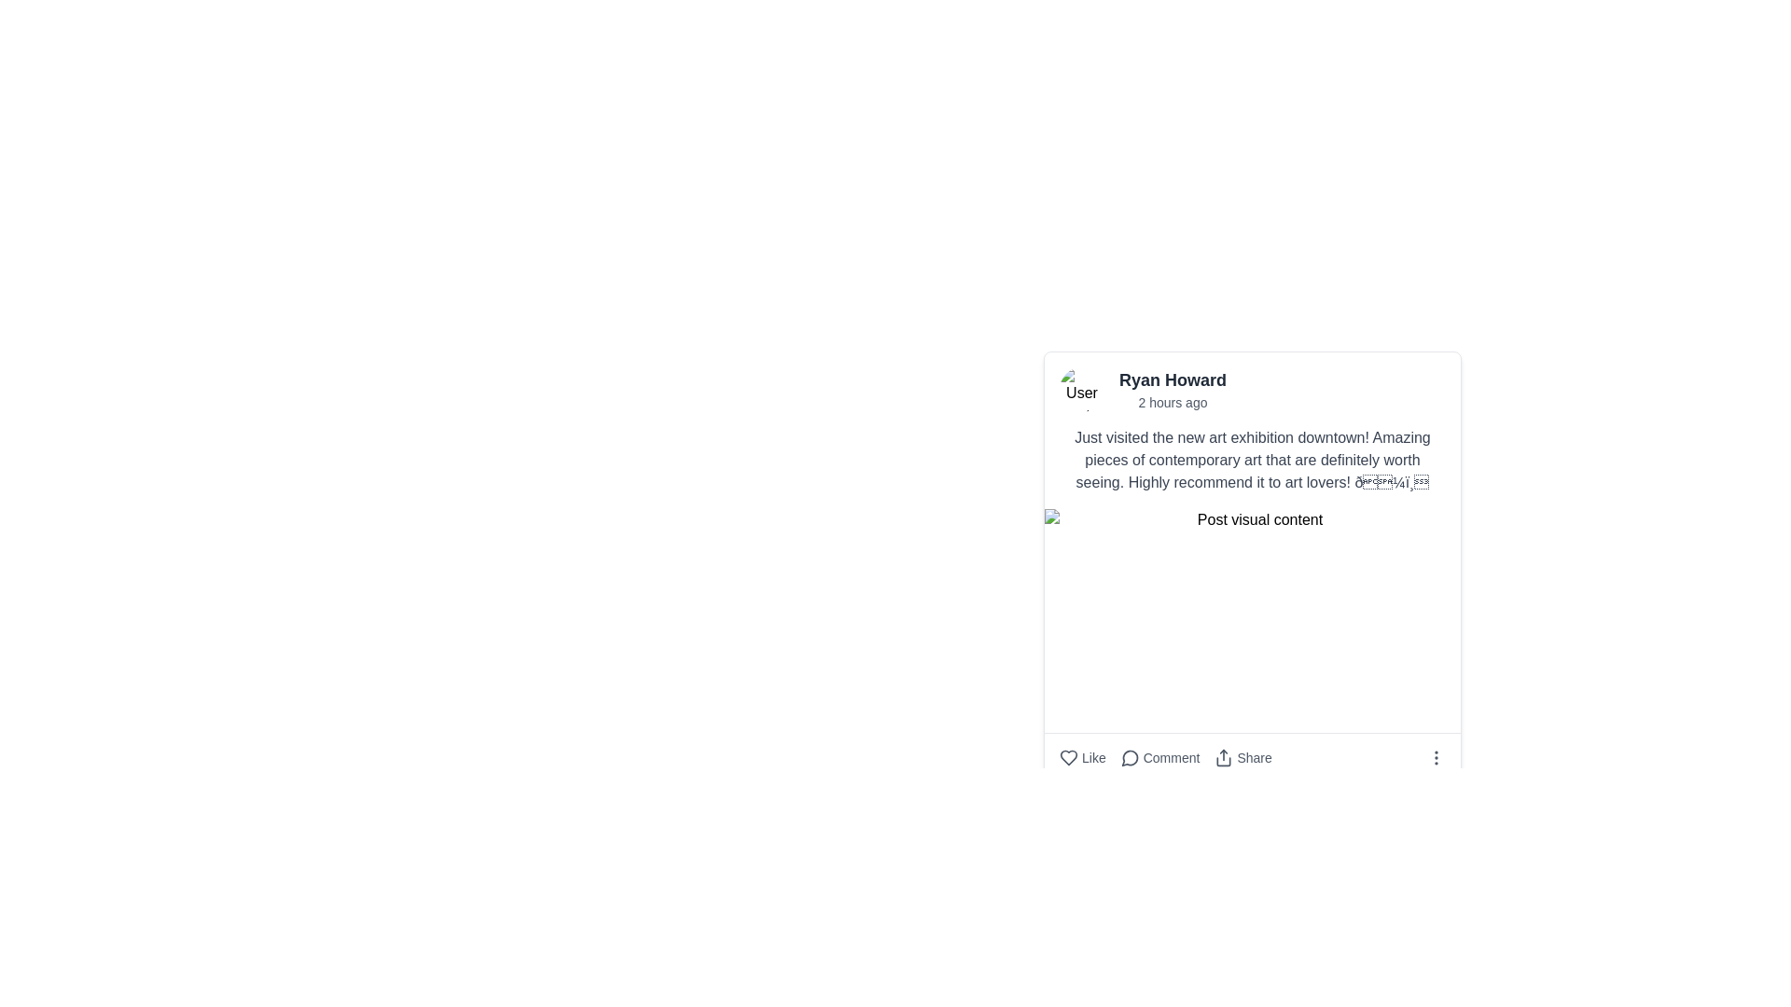  What do you see at coordinates (1253, 431) in the screenshot?
I see `content displayed in the Content Display Section which includes the username 'Ryan Howard', a timestamp '2 hours ago', and a detailed post about a new art exhibition` at bounding box center [1253, 431].